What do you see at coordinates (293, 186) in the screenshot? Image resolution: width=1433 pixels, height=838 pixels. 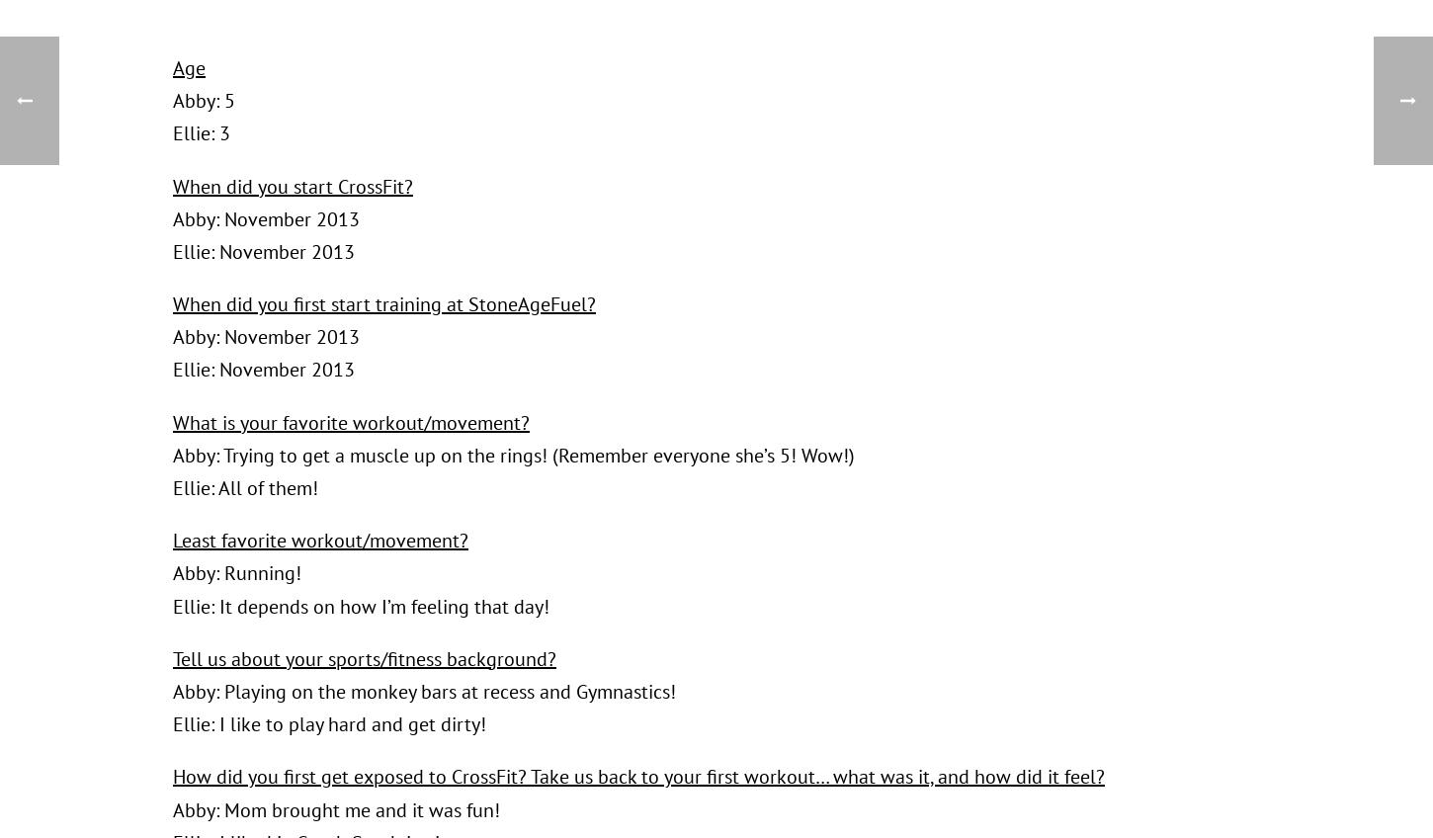 I see `'When did you start CrossFit?'` at bounding box center [293, 186].